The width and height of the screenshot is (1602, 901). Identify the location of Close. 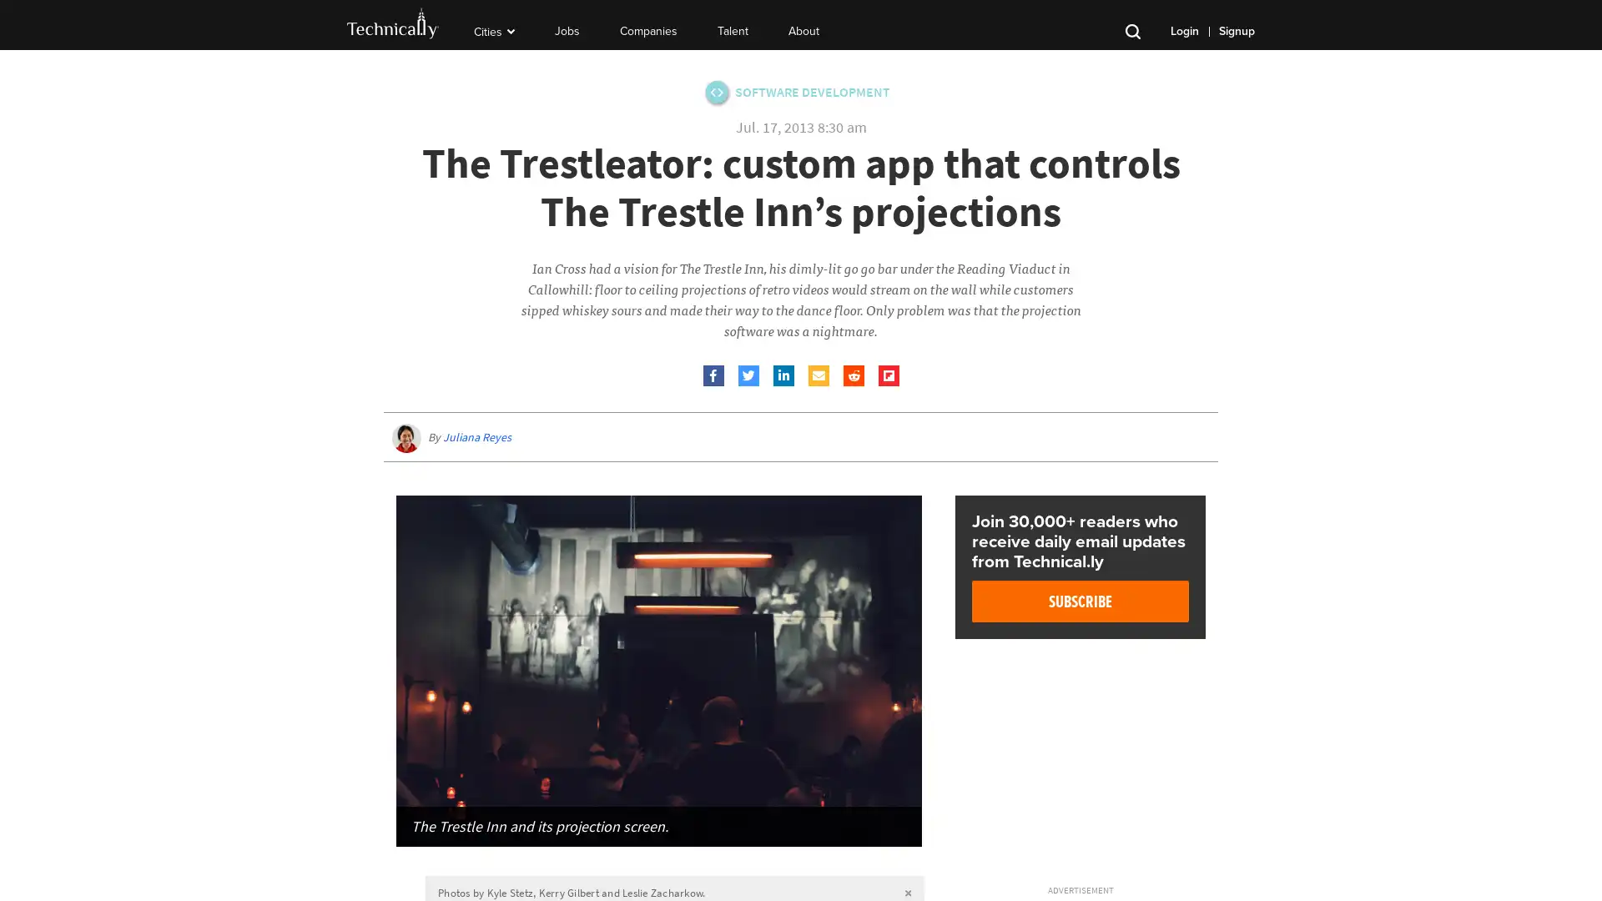
(1109, 862).